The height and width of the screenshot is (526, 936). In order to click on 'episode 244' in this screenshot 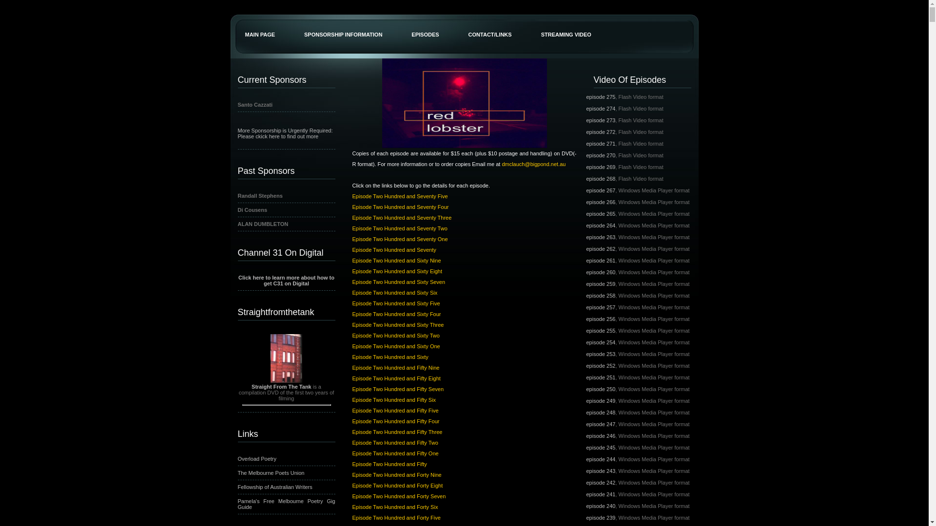, I will do `click(600, 459)`.